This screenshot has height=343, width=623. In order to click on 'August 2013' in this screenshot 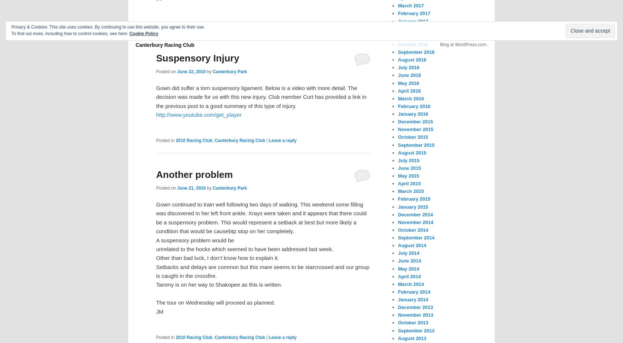, I will do `click(412, 338)`.